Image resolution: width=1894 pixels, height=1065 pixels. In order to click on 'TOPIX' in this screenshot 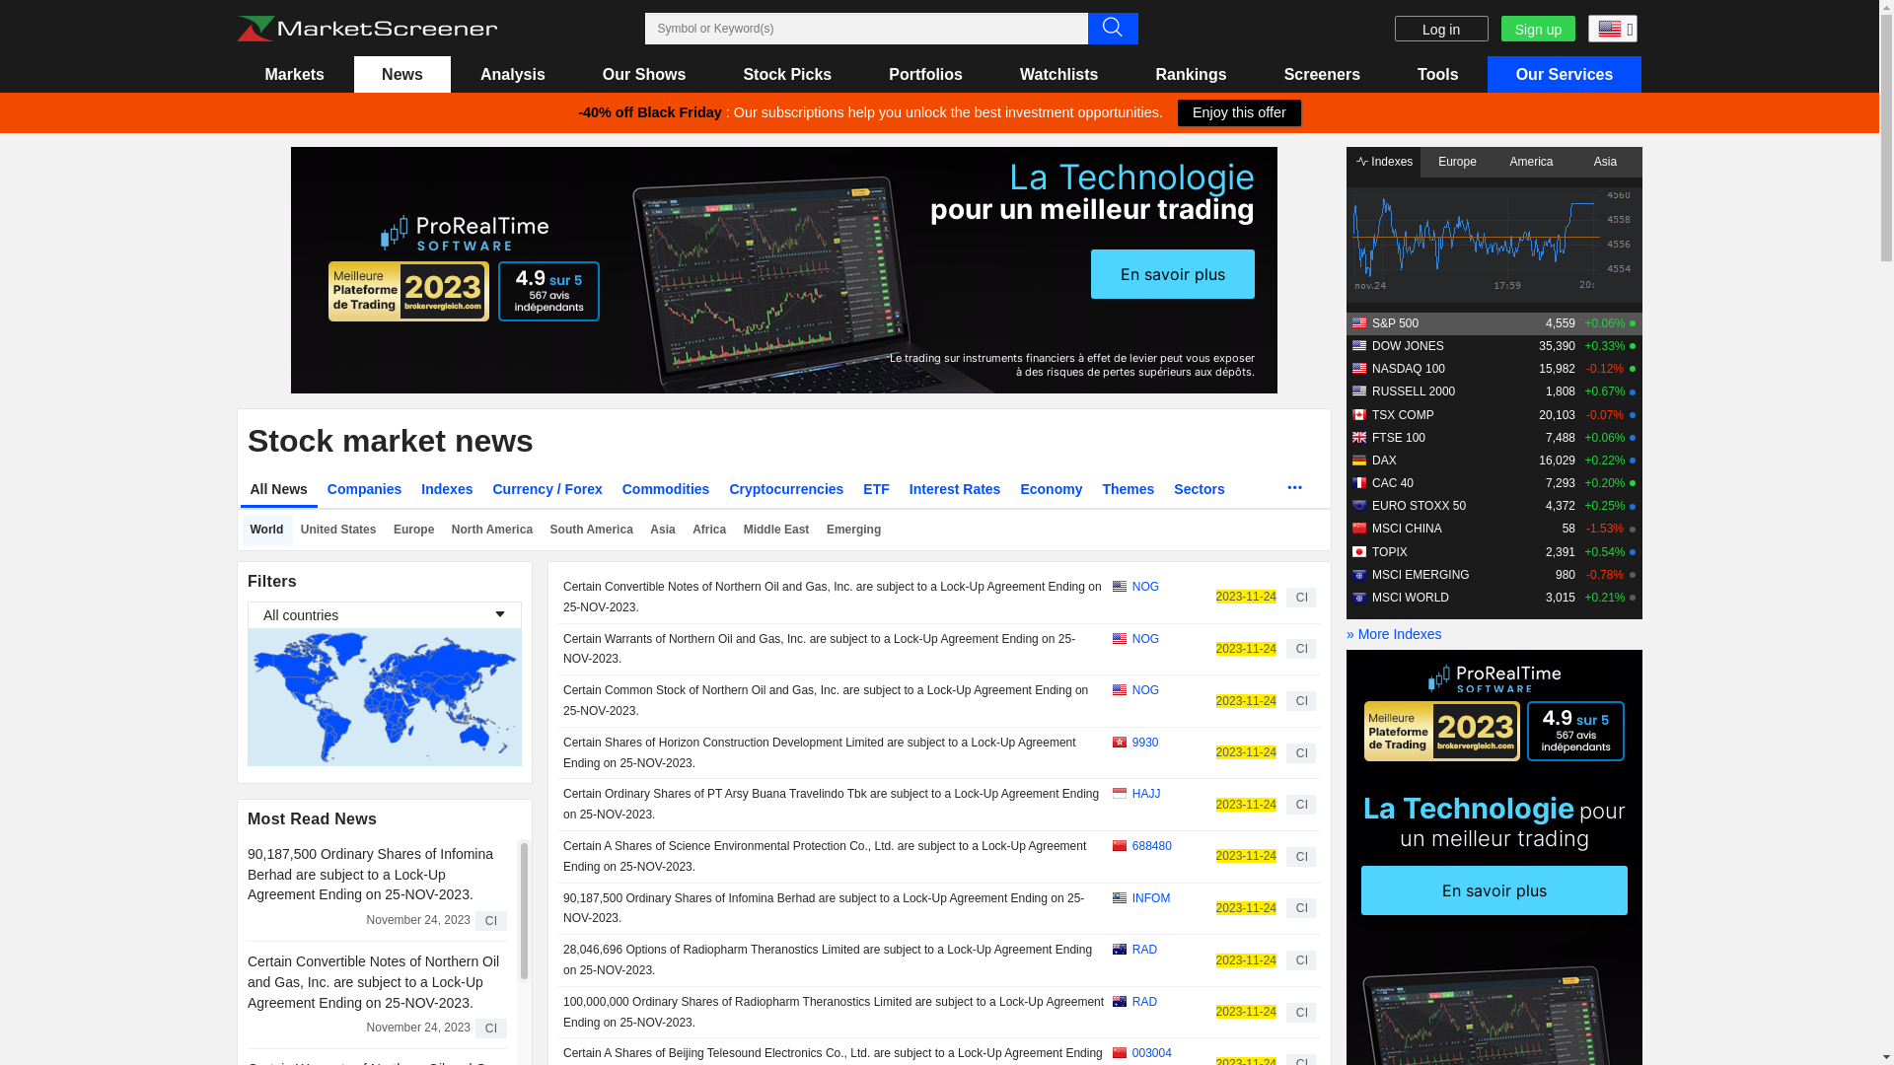, I will do `click(1371, 551)`.